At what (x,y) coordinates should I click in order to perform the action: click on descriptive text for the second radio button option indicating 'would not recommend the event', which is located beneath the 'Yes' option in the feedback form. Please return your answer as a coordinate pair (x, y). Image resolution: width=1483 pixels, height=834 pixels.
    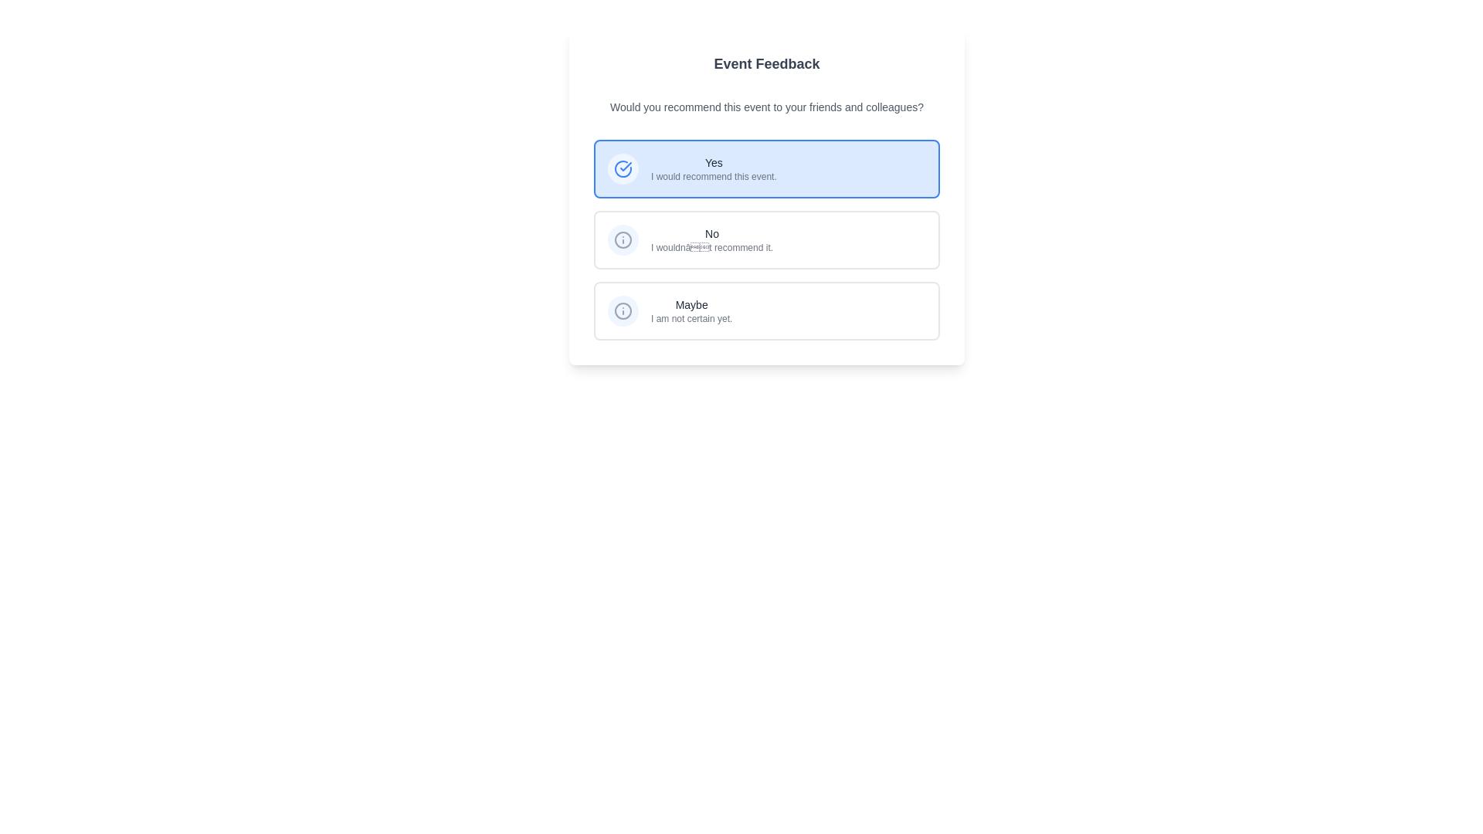
    Looking at the image, I should click on (767, 240).